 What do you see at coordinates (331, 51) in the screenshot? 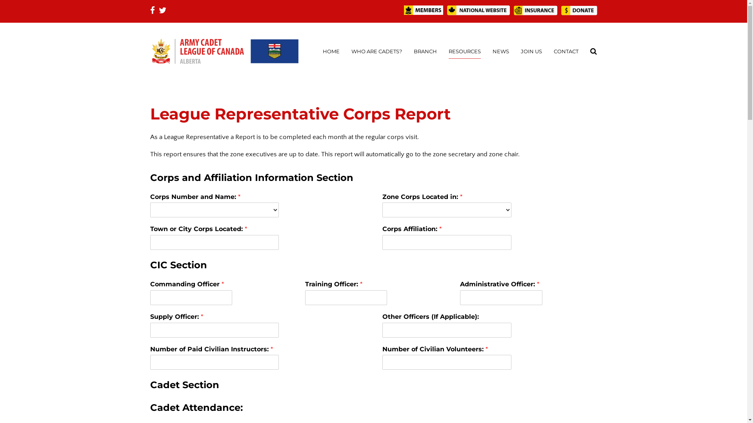
I see `'HOME'` at bounding box center [331, 51].